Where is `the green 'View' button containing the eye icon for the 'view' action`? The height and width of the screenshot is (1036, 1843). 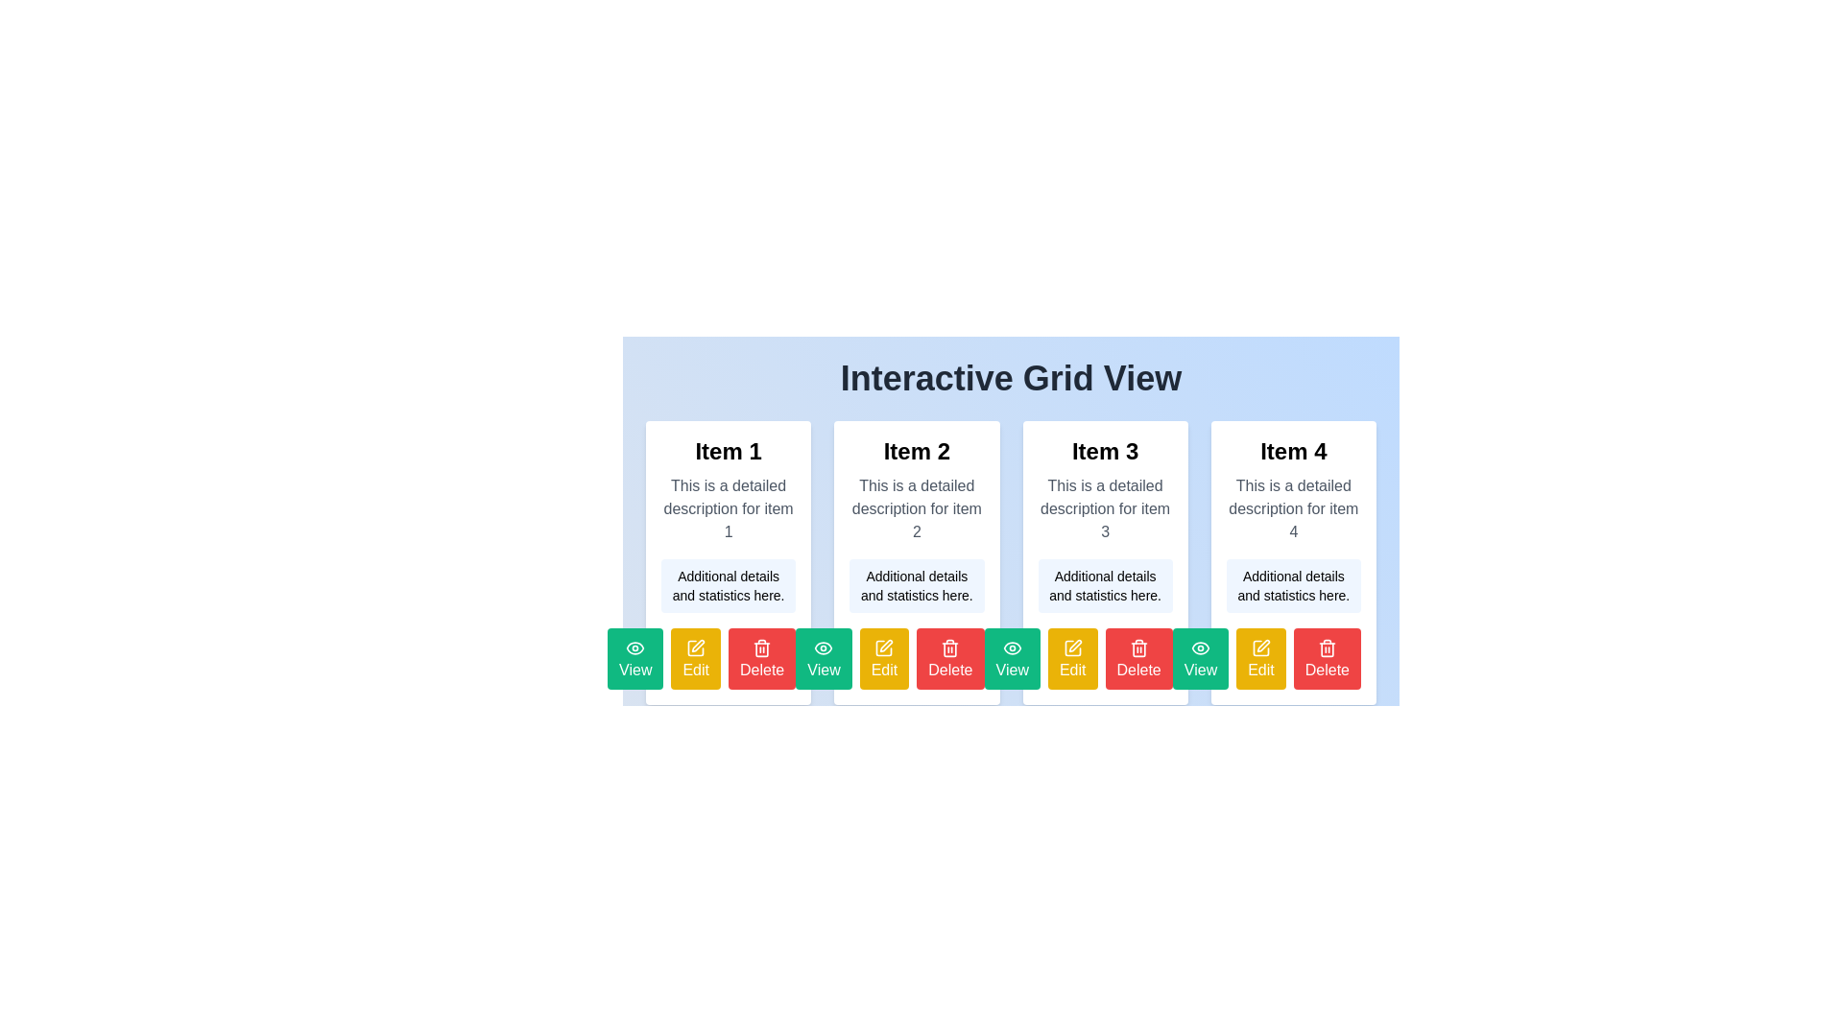
the green 'View' button containing the eye icon for the 'view' action is located at coordinates (1011, 647).